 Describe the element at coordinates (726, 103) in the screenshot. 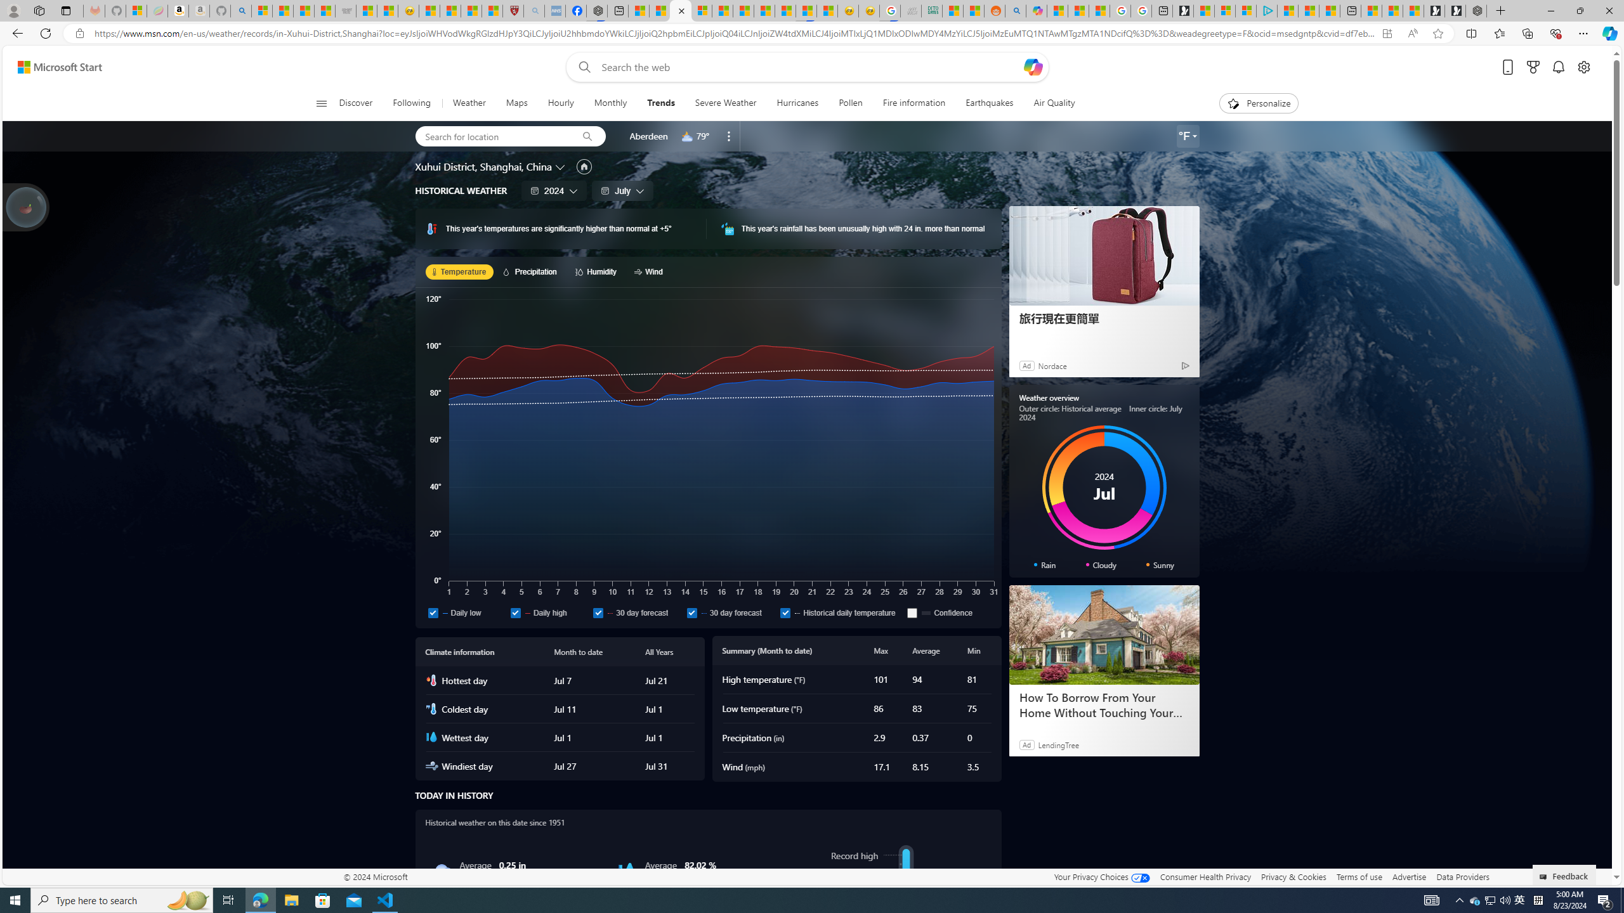

I see `'Severe Weather'` at that location.